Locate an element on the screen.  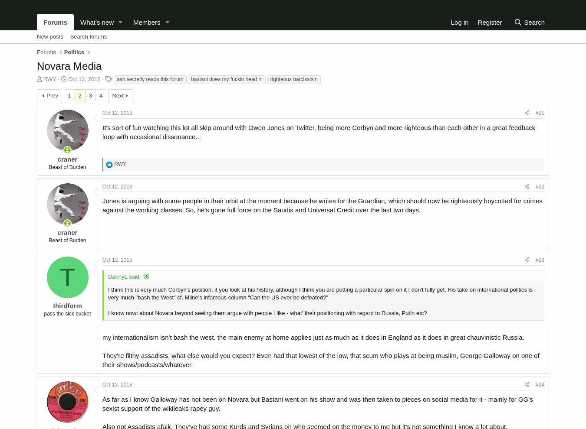
'#24' is located at coordinates (540, 385).